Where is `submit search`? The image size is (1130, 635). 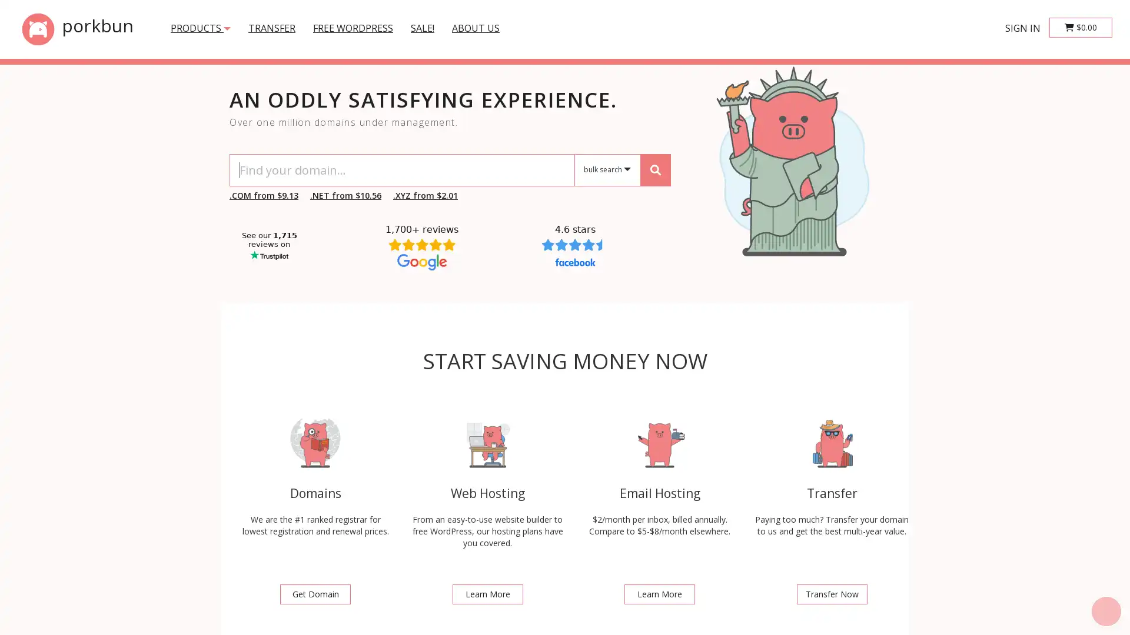 submit search is located at coordinates (654, 169).